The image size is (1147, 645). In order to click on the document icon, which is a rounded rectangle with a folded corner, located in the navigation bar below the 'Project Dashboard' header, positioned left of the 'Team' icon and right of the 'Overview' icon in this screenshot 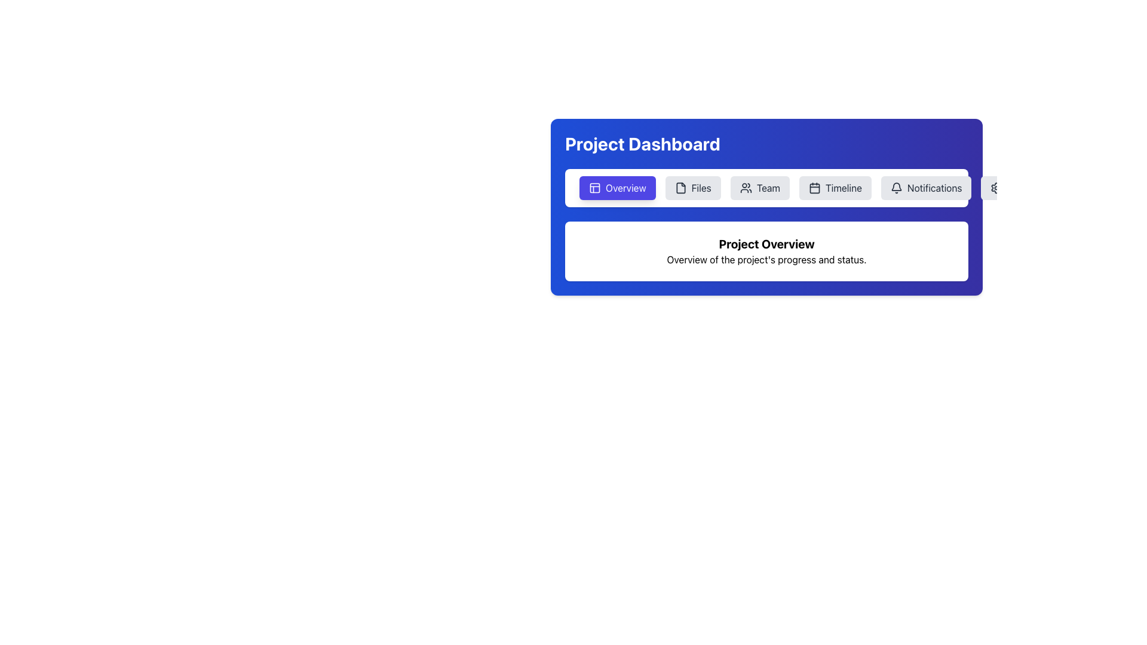, I will do `click(680, 188)`.